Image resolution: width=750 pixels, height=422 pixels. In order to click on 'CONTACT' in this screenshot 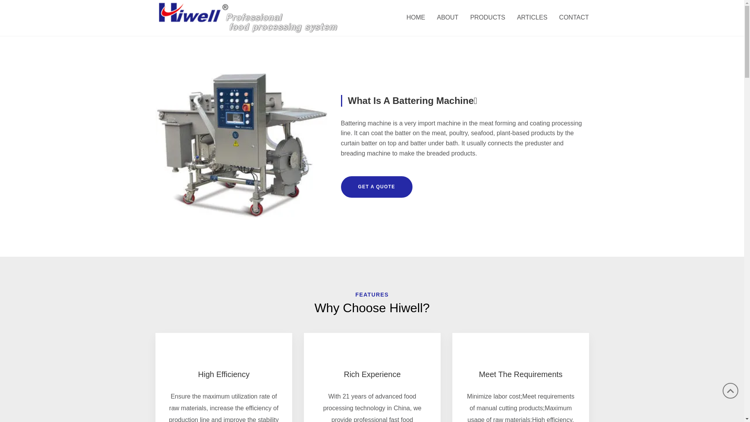, I will do `click(571, 18)`.